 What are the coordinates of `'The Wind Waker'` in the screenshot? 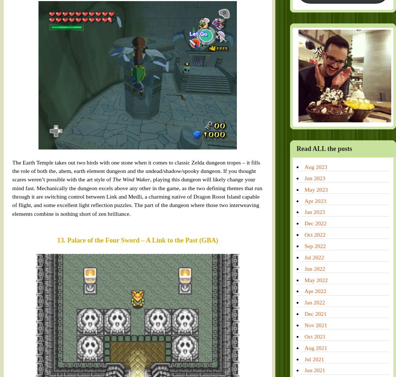 It's located at (109, 24).